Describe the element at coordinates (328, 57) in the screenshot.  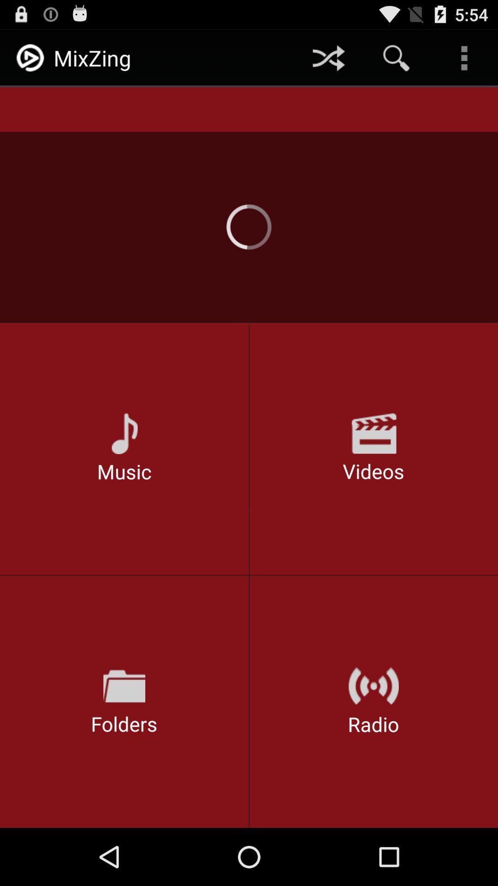
I see `icon to the right of mixzing icon` at that location.